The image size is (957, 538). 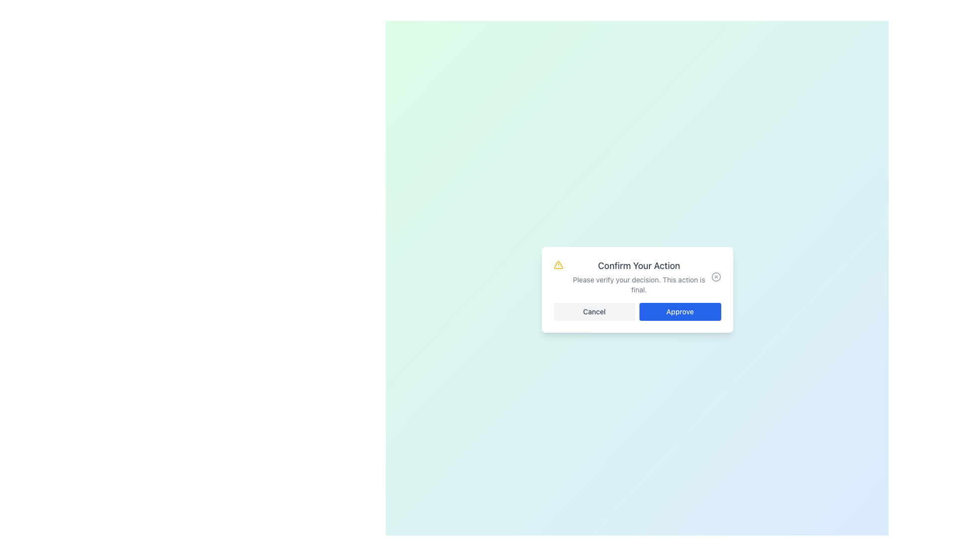 I want to click on the informational display section that provides a warning and descriptive message in the dialog box, which is positioned centrally above the action buttons 'Cancel' and 'Approve', so click(x=637, y=276).